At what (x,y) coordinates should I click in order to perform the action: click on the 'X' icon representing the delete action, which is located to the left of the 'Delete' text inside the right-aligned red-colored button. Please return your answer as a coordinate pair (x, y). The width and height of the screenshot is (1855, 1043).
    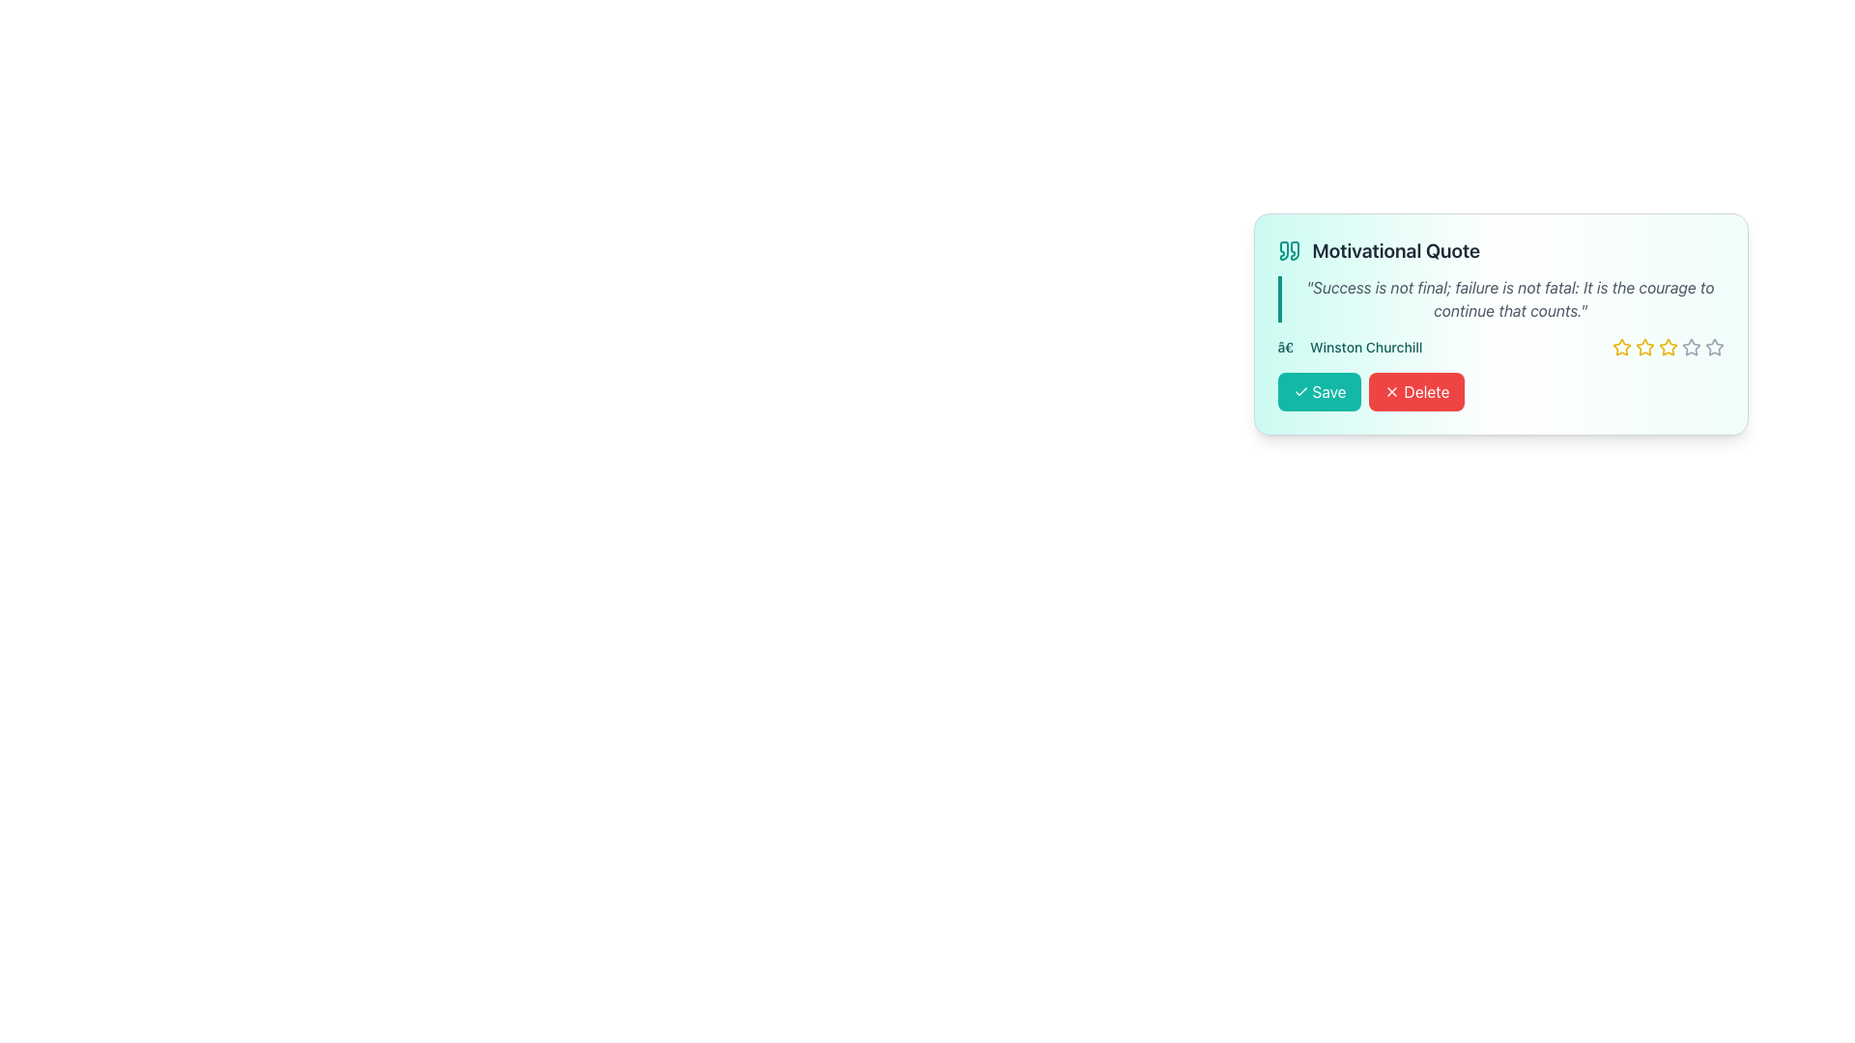
    Looking at the image, I should click on (1392, 391).